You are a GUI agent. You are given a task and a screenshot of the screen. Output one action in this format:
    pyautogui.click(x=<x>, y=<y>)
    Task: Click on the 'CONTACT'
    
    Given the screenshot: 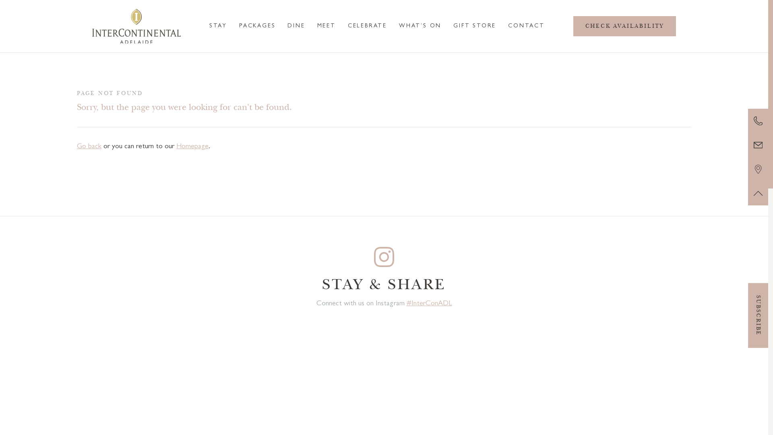 What is the action you would take?
    pyautogui.click(x=526, y=26)
    